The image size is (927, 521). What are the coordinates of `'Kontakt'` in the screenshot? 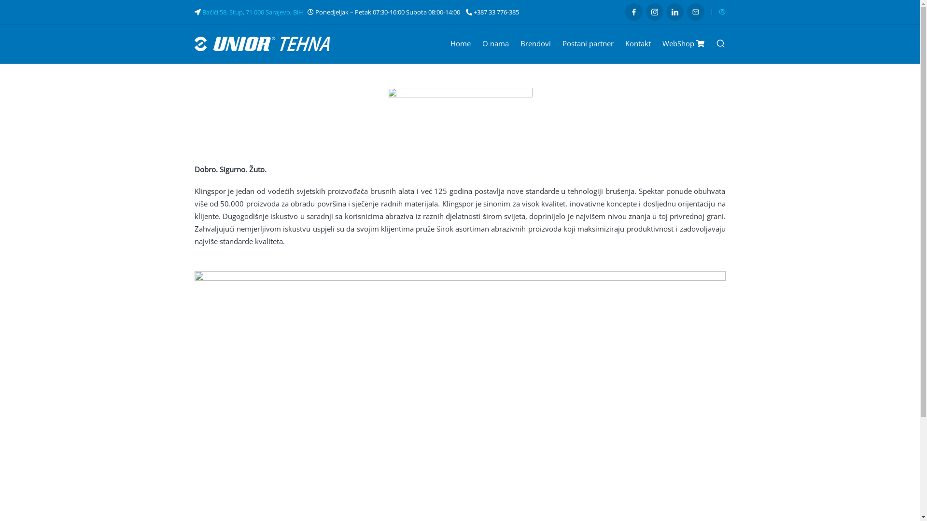 It's located at (638, 44).